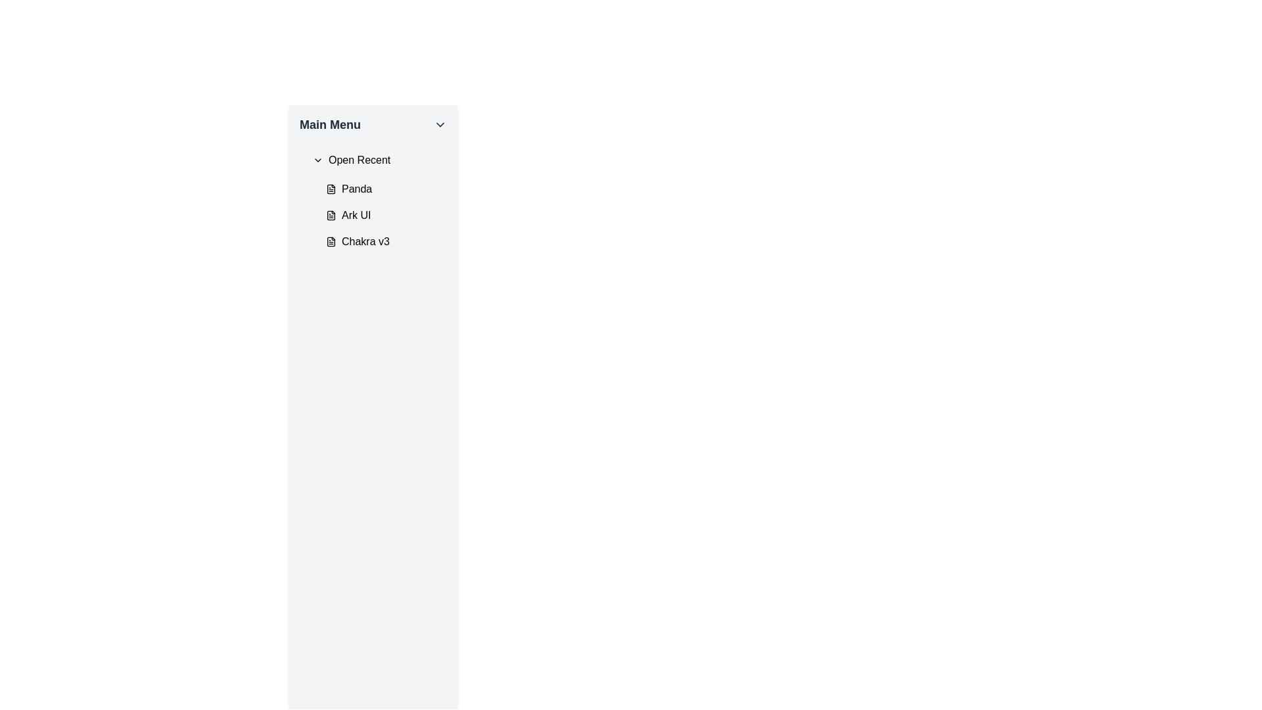 The height and width of the screenshot is (710, 1262). Describe the element at coordinates (331, 214) in the screenshot. I see `the document icon representing 'Ark UI' in the 'Open Recent' subsection of the 'Main Menu'` at that location.